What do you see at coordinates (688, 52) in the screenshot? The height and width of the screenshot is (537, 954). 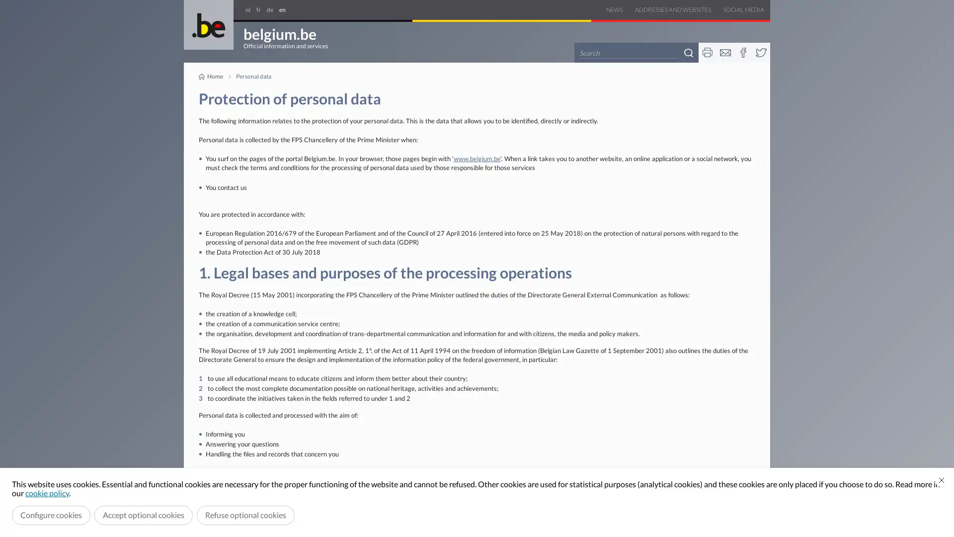 I see `Search` at bounding box center [688, 52].